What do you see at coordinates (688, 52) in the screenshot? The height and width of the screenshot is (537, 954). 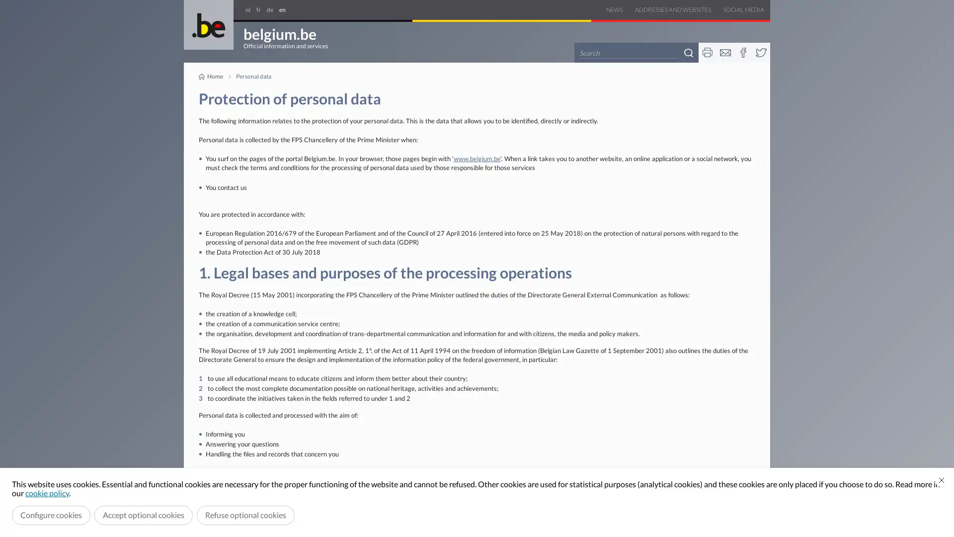 I see `Search` at bounding box center [688, 52].